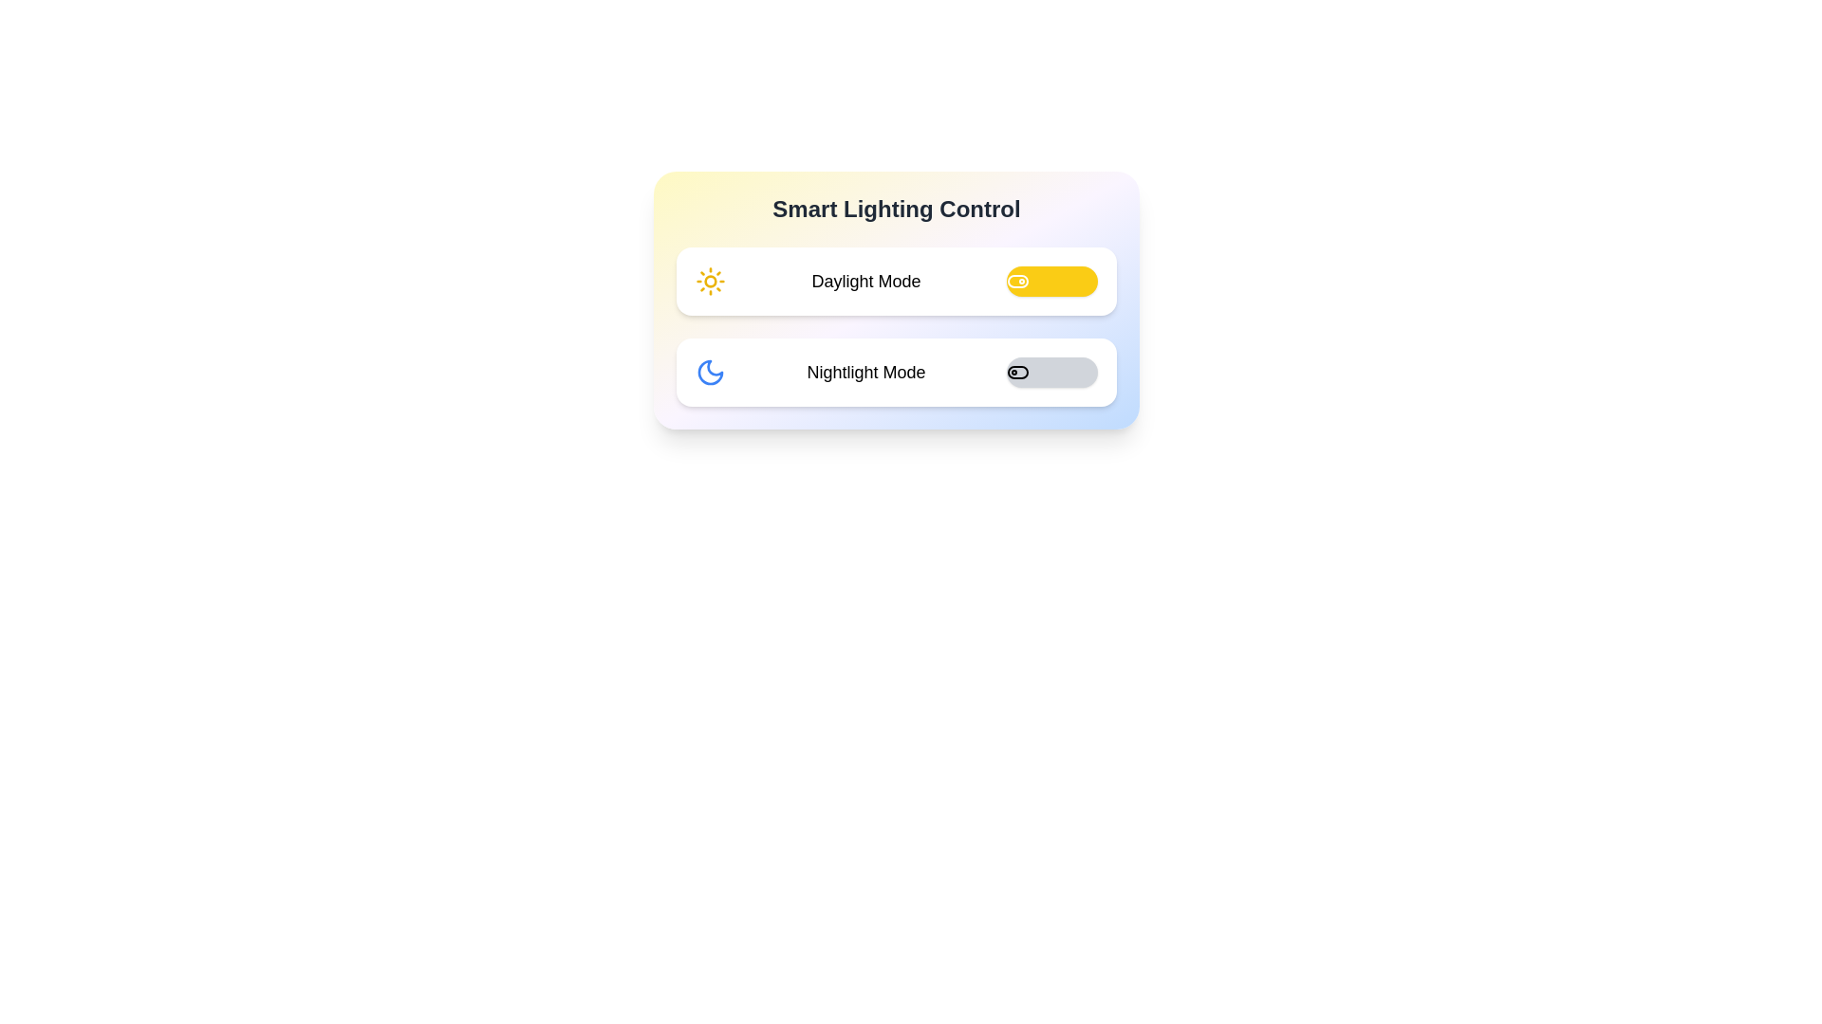 This screenshot has width=1822, height=1024. I want to click on the icon within the 'Nightlight Mode' toggle switch located on the right half of the second row in the 'Smart Lighting Control' panel, so click(1017, 373).